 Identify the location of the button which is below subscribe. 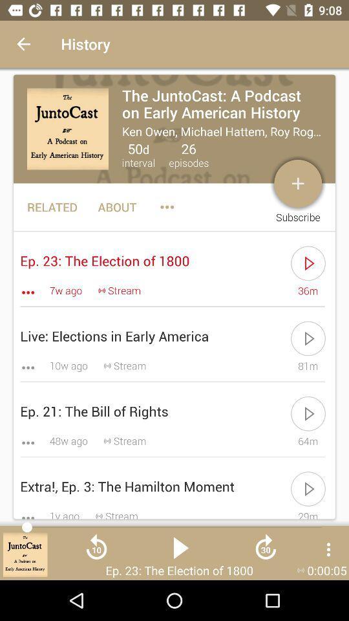
(308, 263).